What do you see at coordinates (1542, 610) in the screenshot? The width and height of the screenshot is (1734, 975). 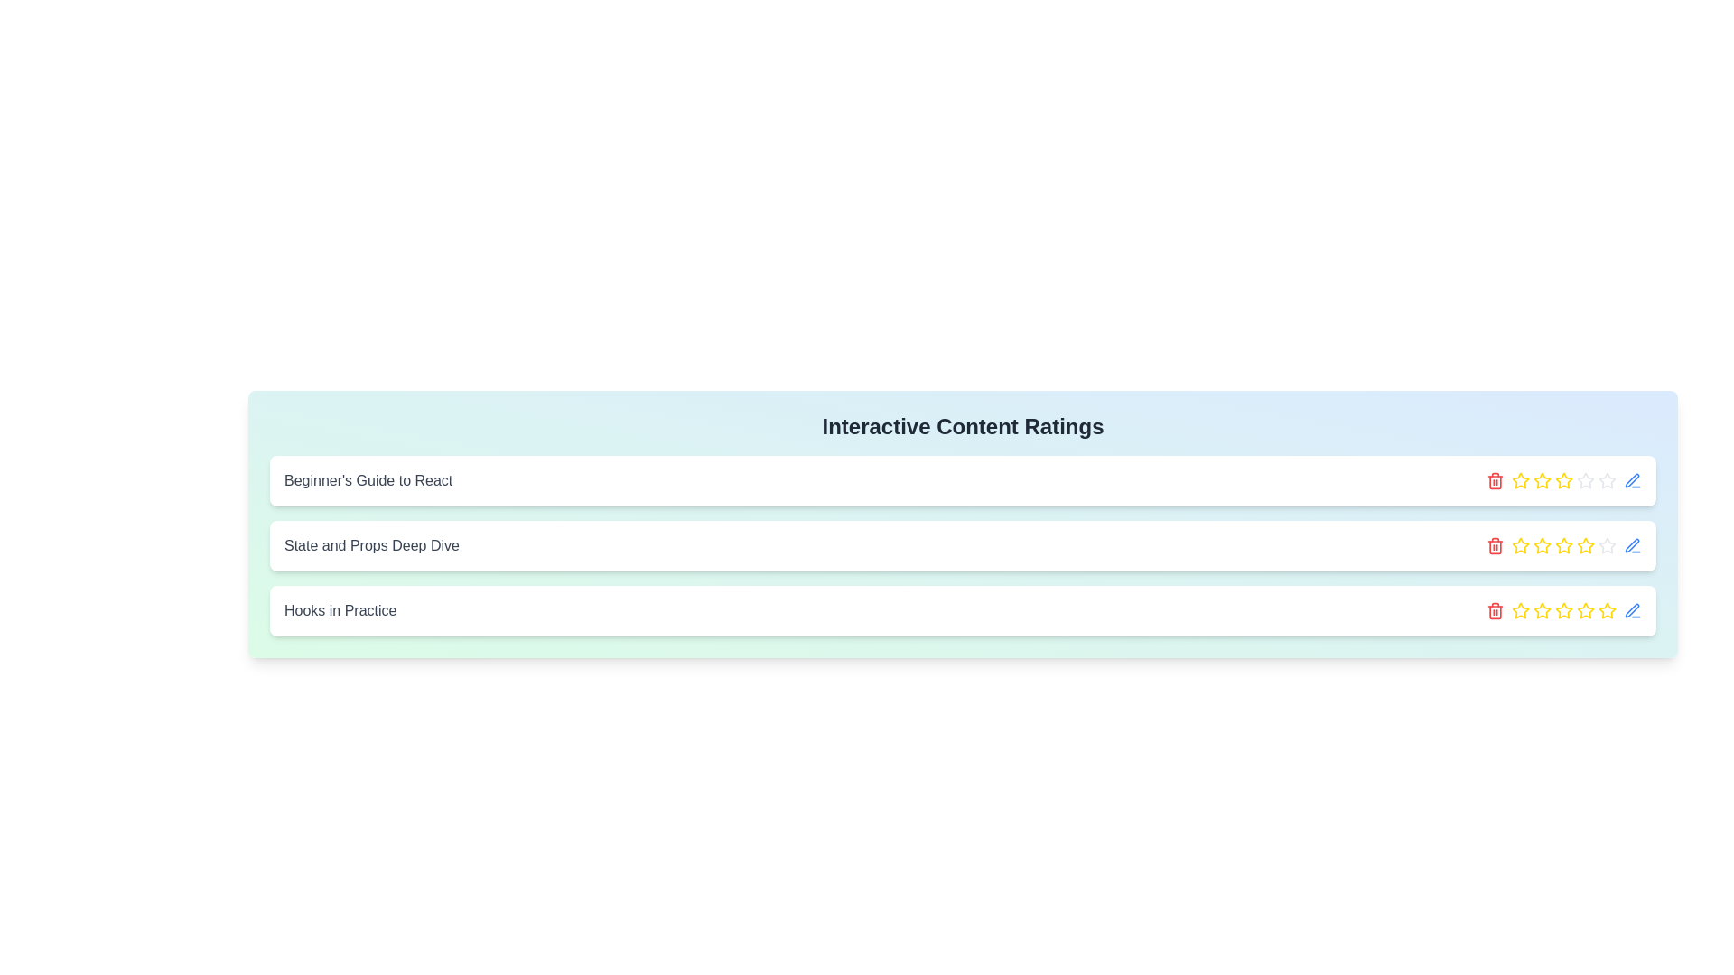 I see `the third star in the rating row for 'Hooks in Practice'` at bounding box center [1542, 610].